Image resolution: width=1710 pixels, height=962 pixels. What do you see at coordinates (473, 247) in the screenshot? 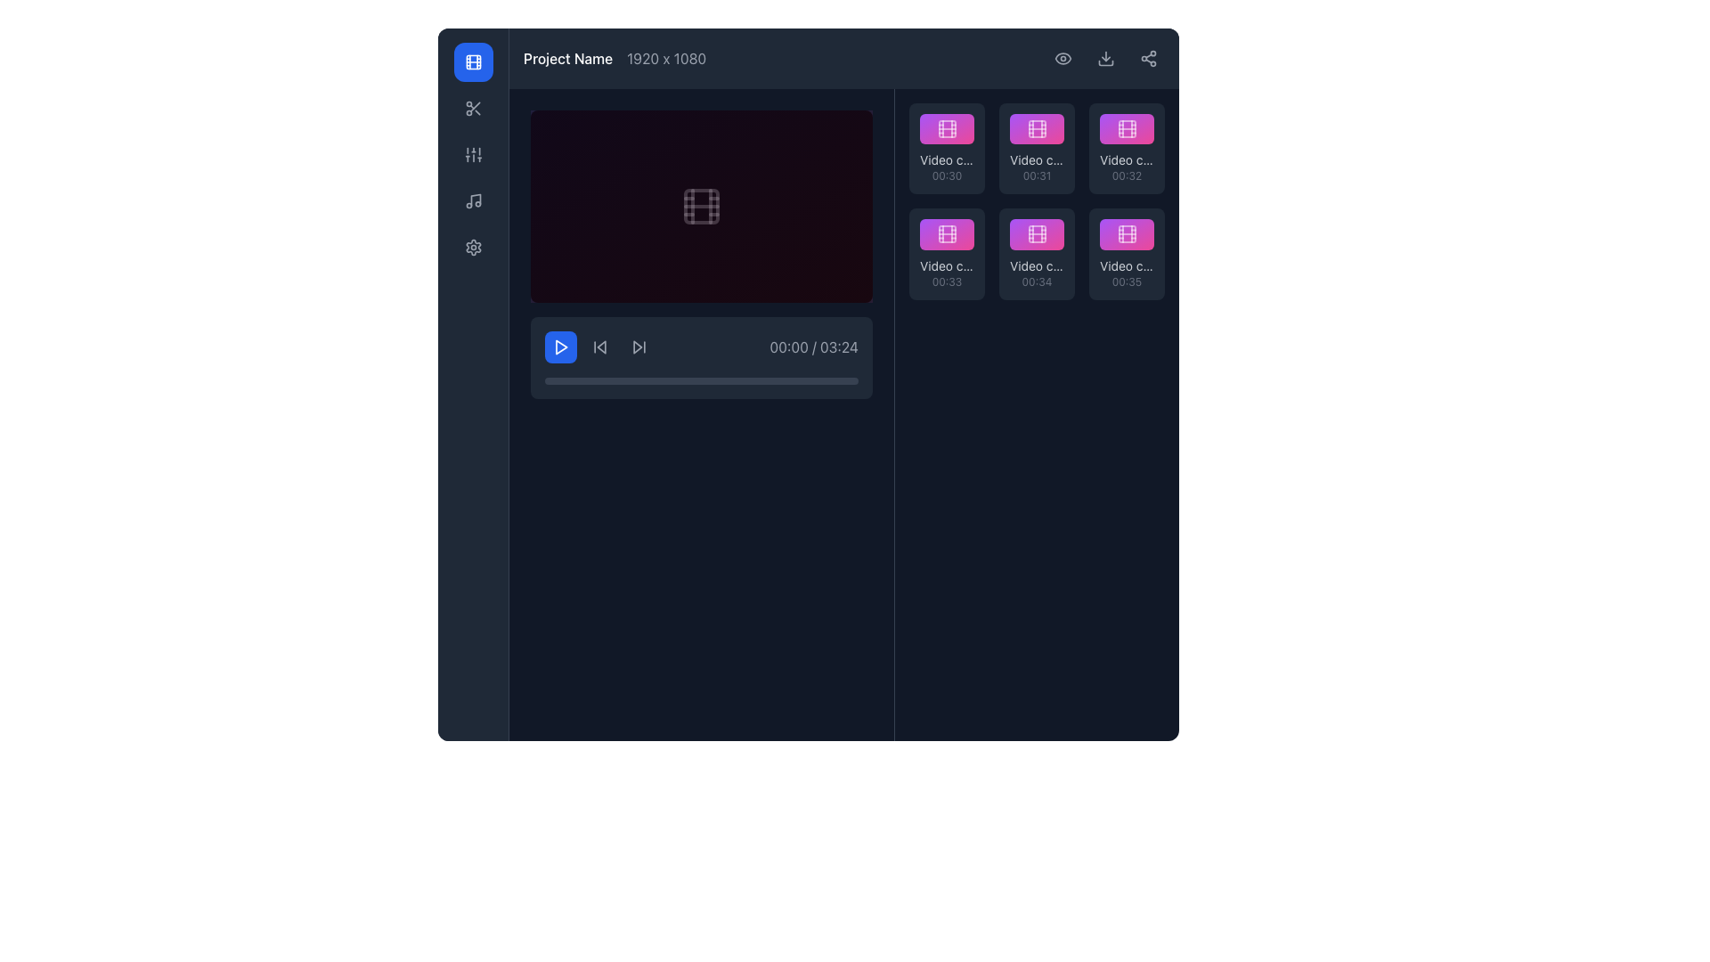
I see `the gear-shaped settings icon located in the top right corner of the interface, which is the fifth icon in a vertical toolbar` at bounding box center [473, 247].